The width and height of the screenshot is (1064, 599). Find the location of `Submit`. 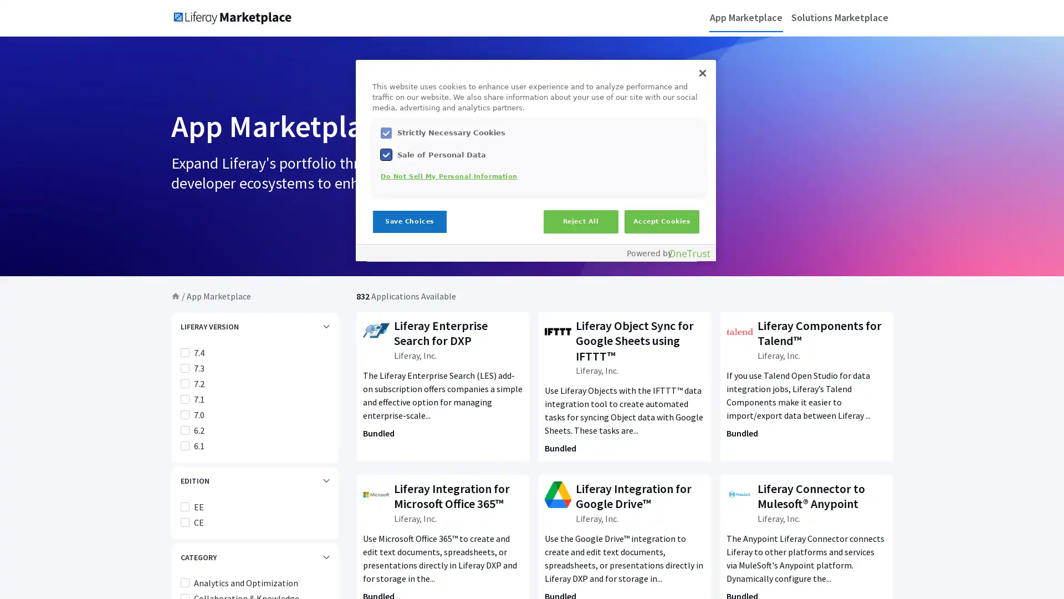

Submit is located at coordinates (683, 250).